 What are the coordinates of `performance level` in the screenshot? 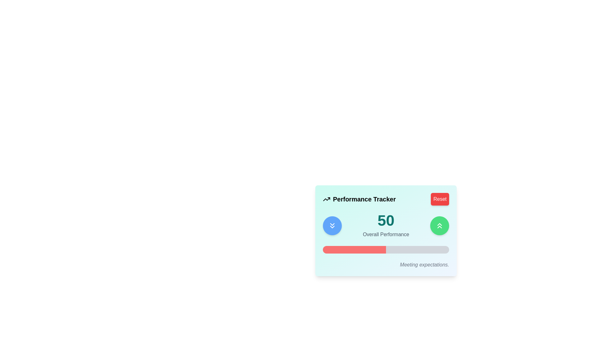 It's located at (416, 249).